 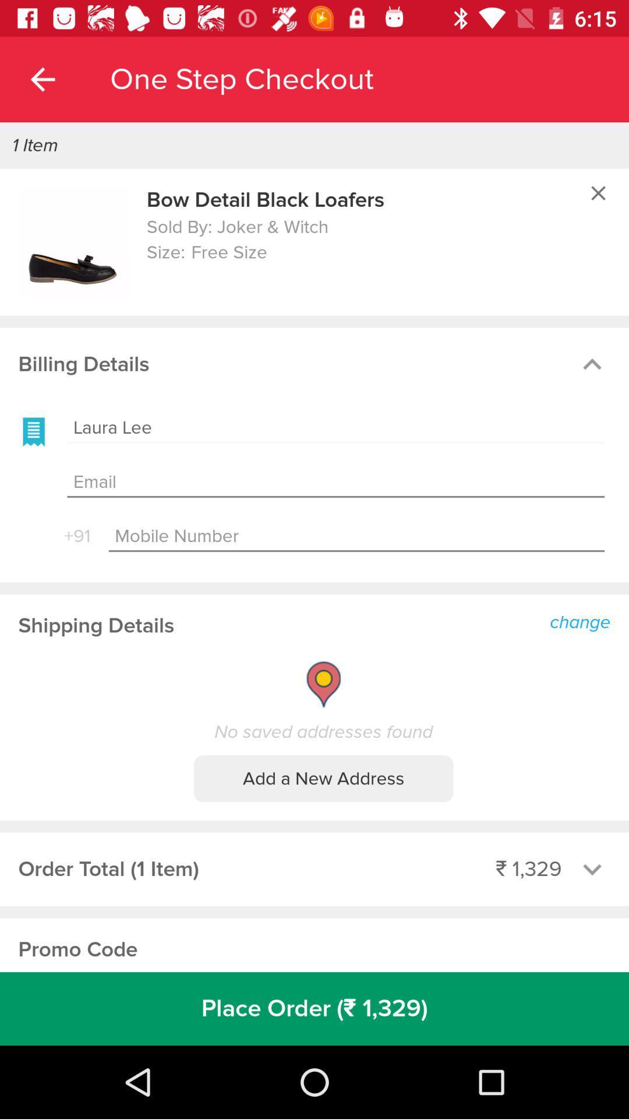 What do you see at coordinates (42, 79) in the screenshot?
I see `item above 1 item icon` at bounding box center [42, 79].